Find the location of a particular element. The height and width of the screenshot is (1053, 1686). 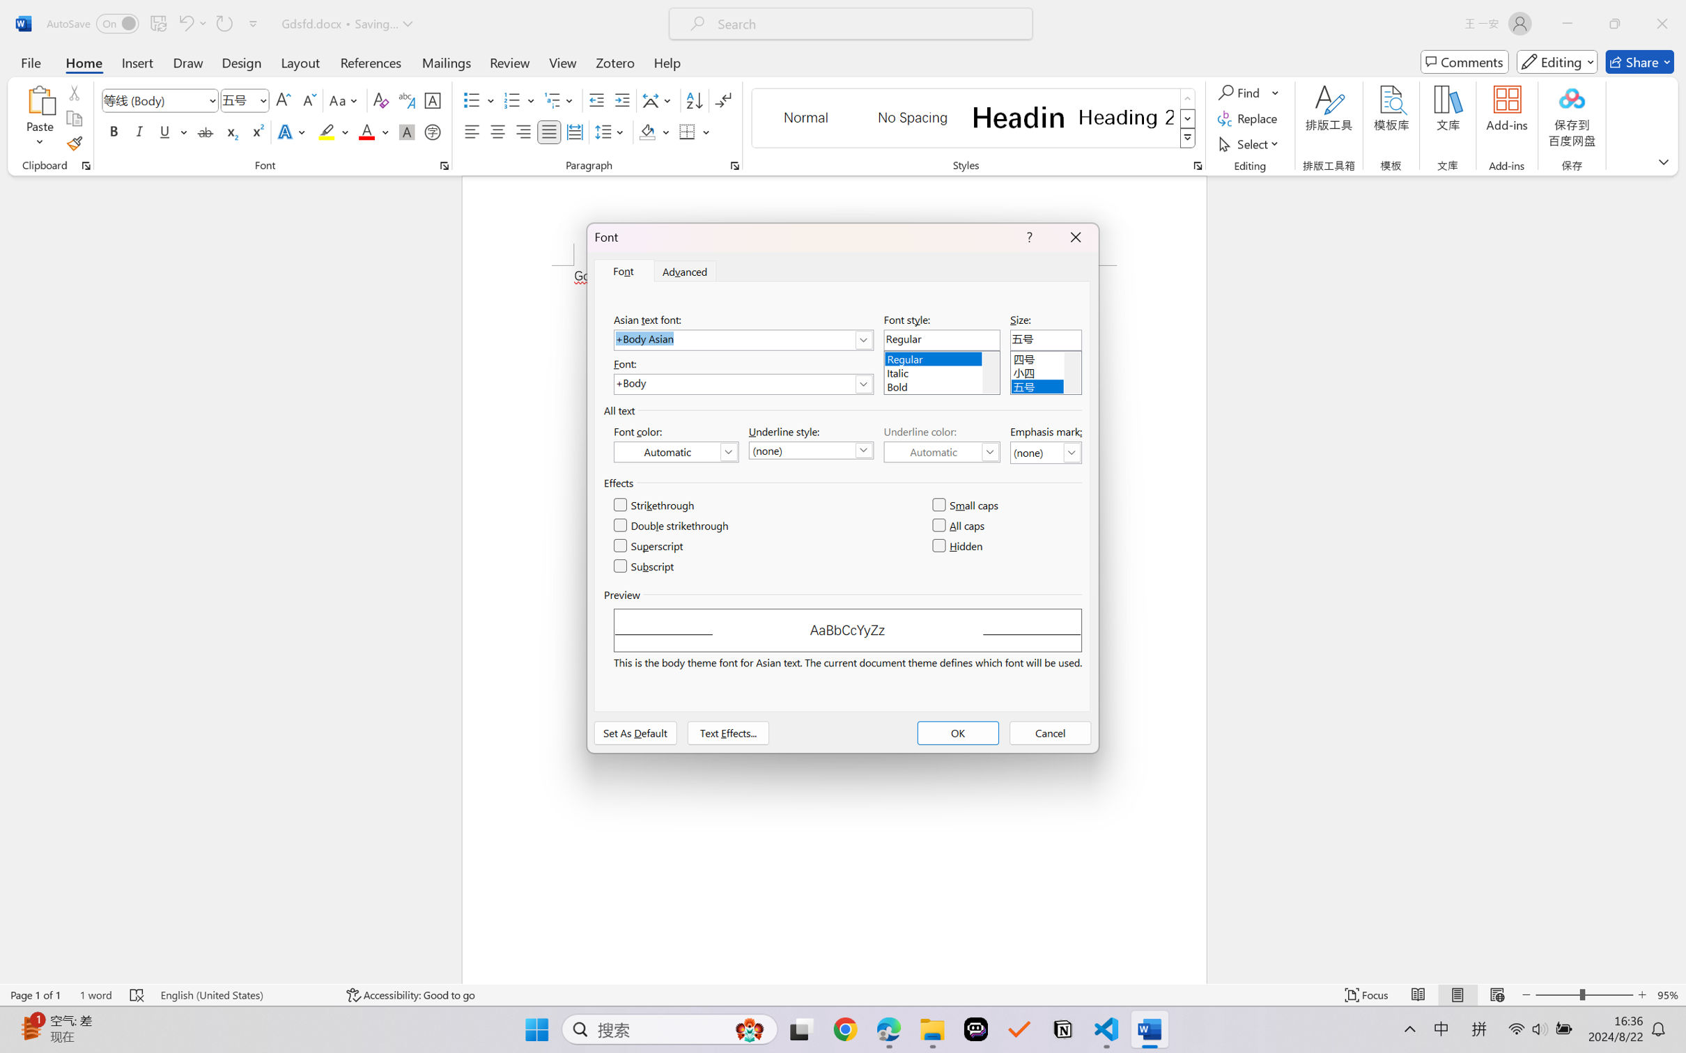

'Poe' is located at coordinates (975, 1029).